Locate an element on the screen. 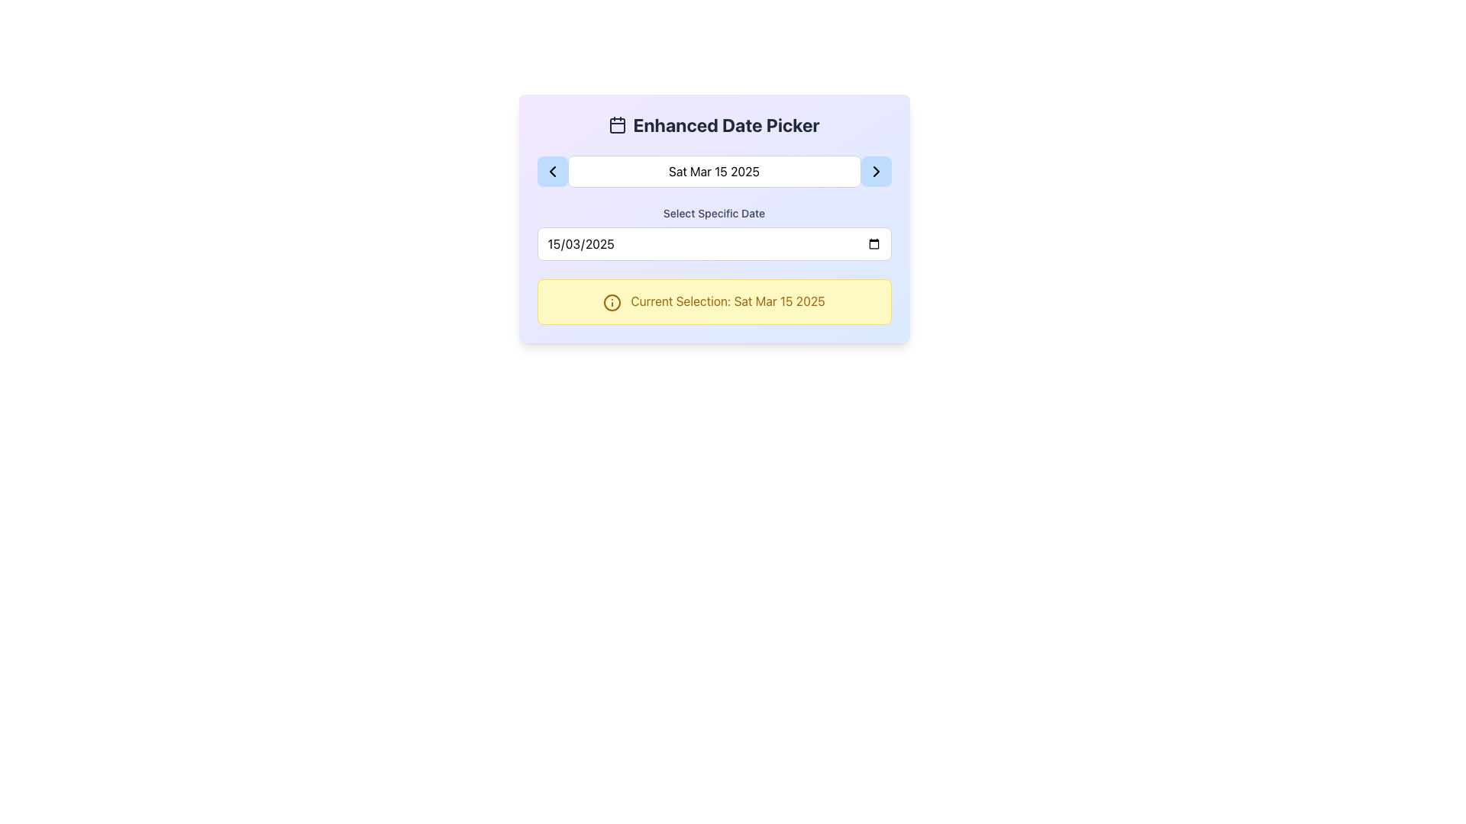 The image size is (1466, 824). the central rectangular component of the calendar icon, which has rounded corners and serves as the background of the icon, located beside the 'Enhanced Date Picker' label is located at coordinates (618, 125).